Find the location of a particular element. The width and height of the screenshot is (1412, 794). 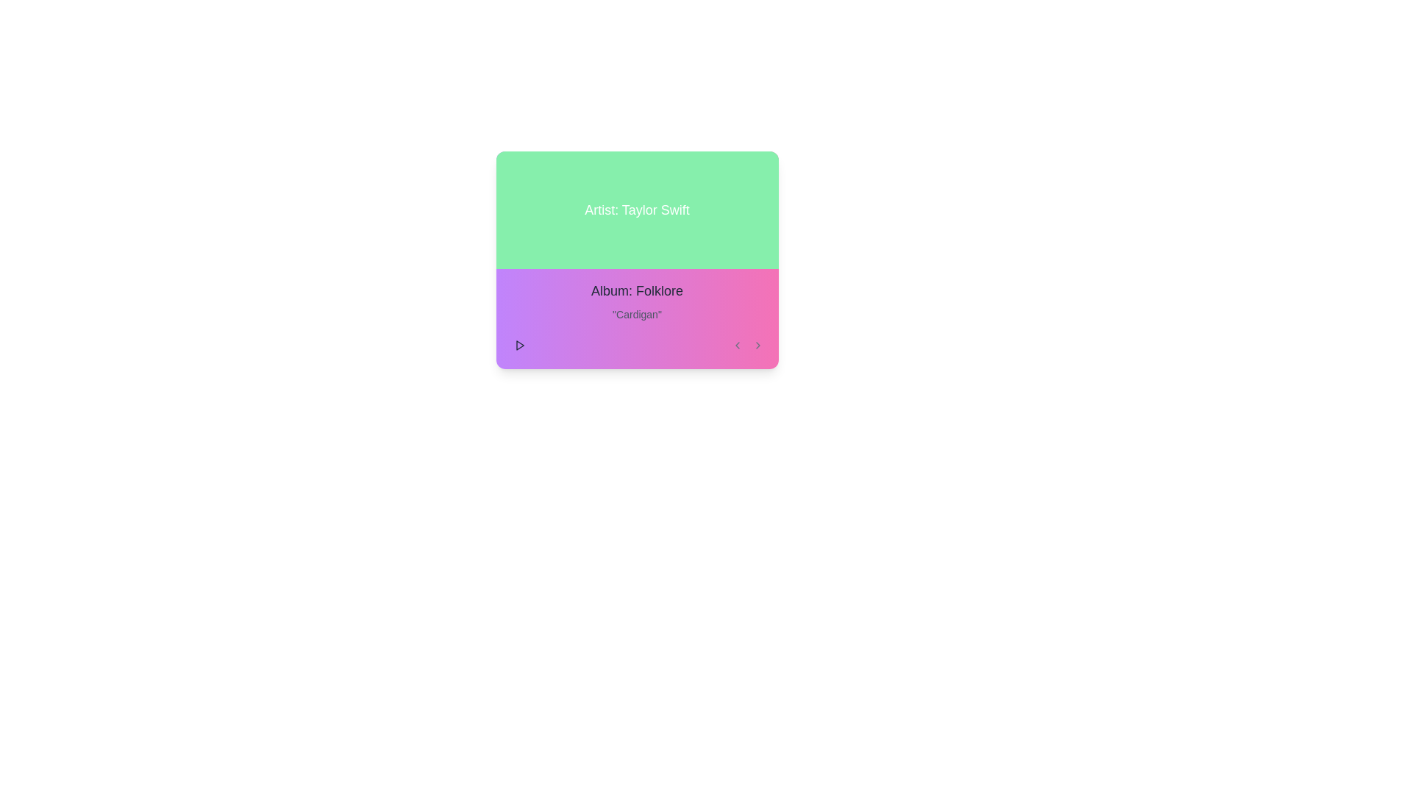

the play icon, which is a triangular shape pointing right, outlined in dark color against a semi-transparent purple background, located at the bottom-left corner of the card interface is located at coordinates (519, 346).